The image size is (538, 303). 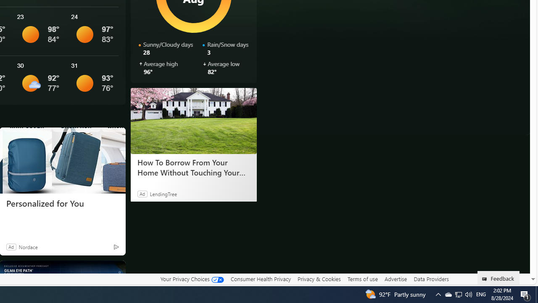 I want to click on 'Data Providers', so click(x=431, y=279).